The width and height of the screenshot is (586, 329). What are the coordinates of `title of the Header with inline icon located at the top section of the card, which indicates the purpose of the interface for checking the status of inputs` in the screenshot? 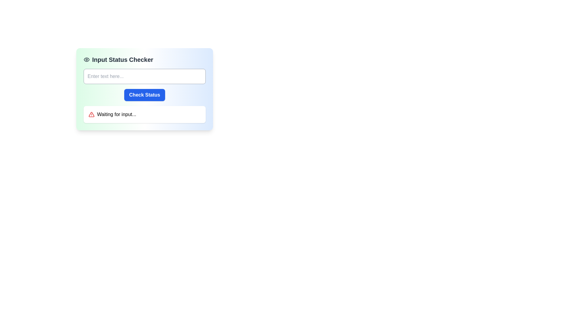 It's located at (144, 60).